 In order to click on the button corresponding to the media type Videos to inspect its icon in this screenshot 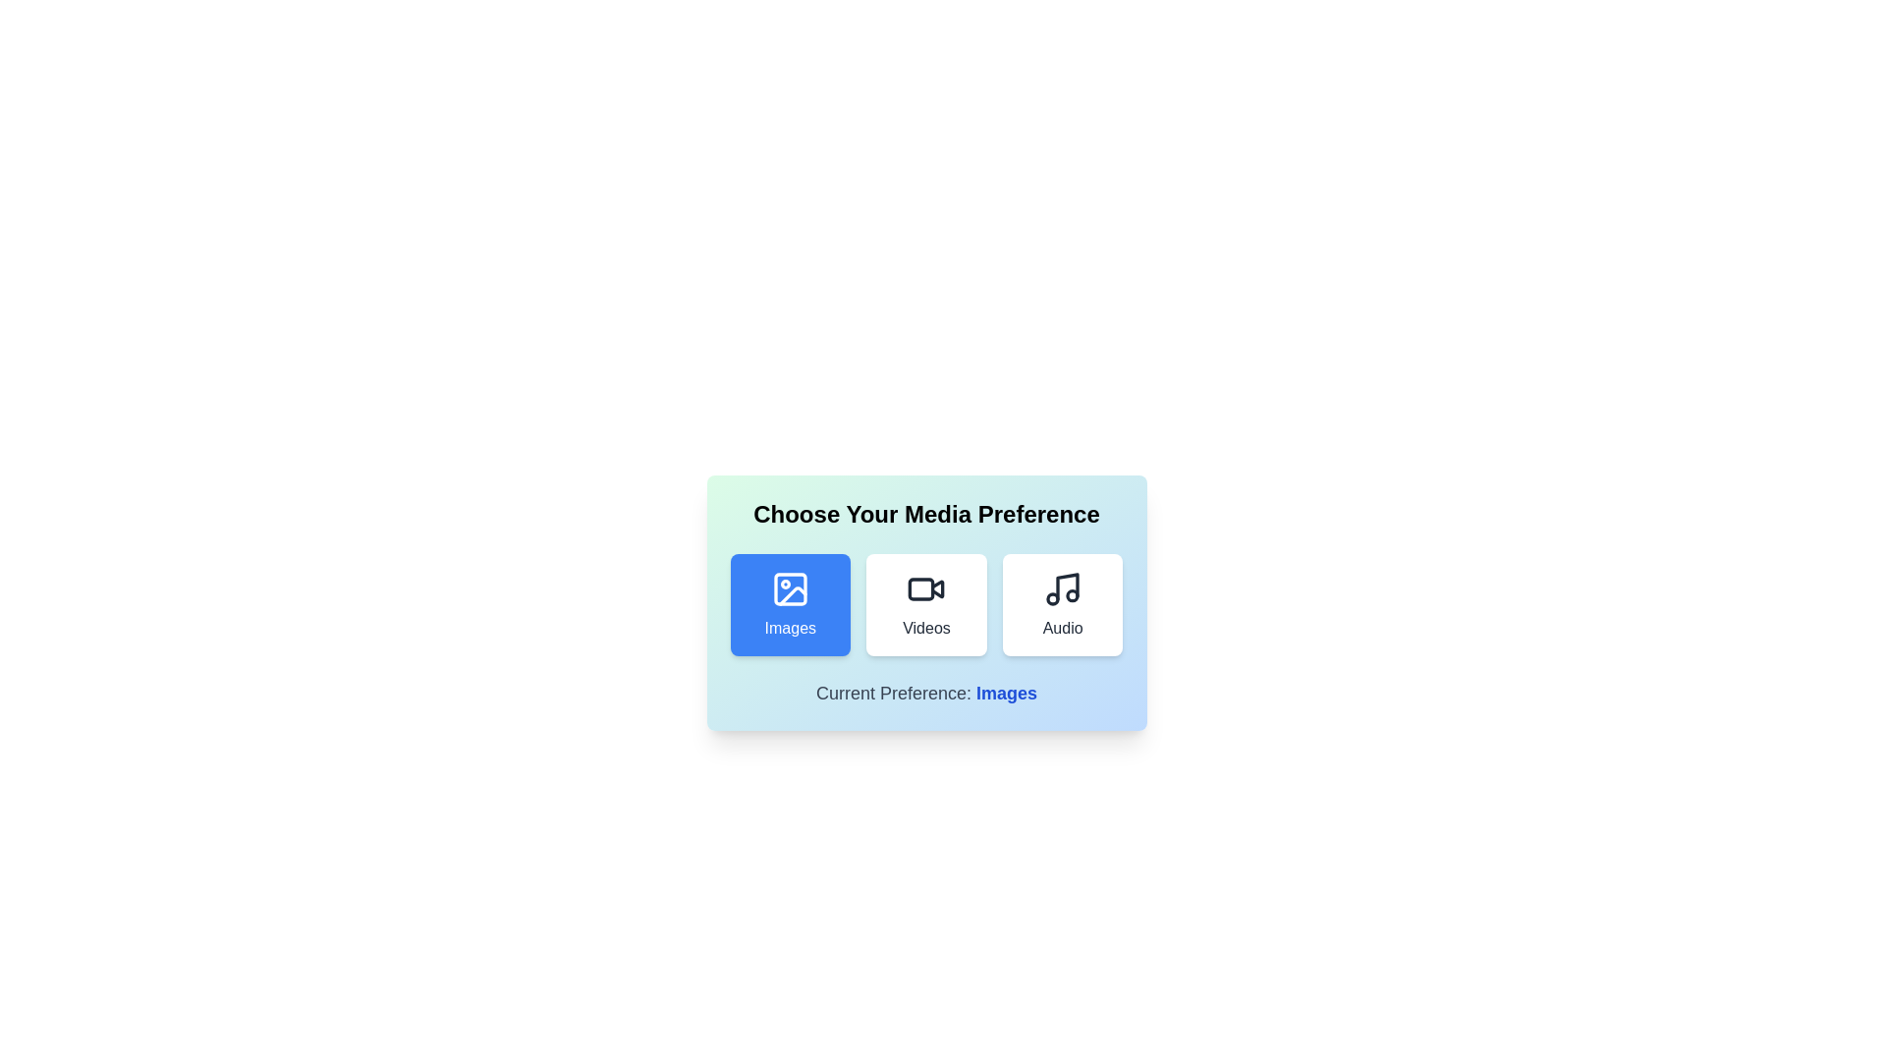, I will do `click(925, 604)`.